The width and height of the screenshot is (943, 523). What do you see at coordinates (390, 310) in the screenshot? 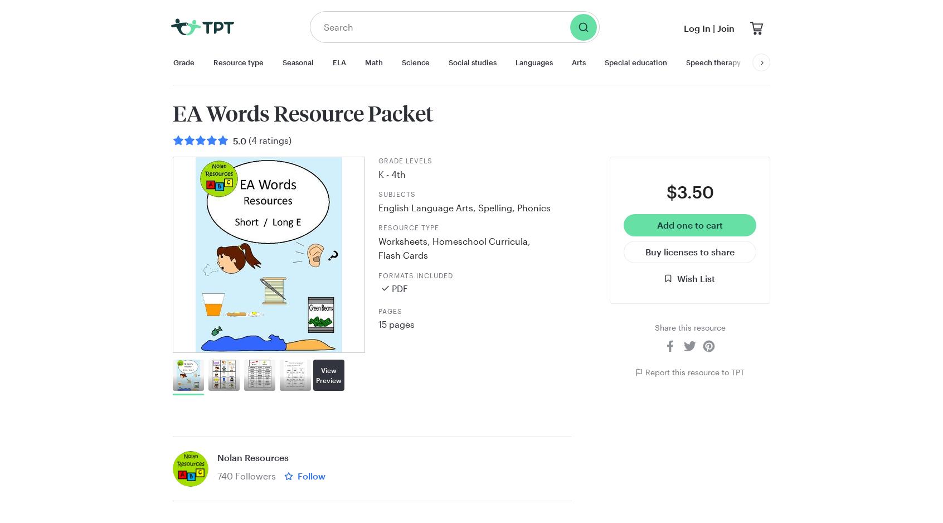
I see `'Pages'` at bounding box center [390, 310].